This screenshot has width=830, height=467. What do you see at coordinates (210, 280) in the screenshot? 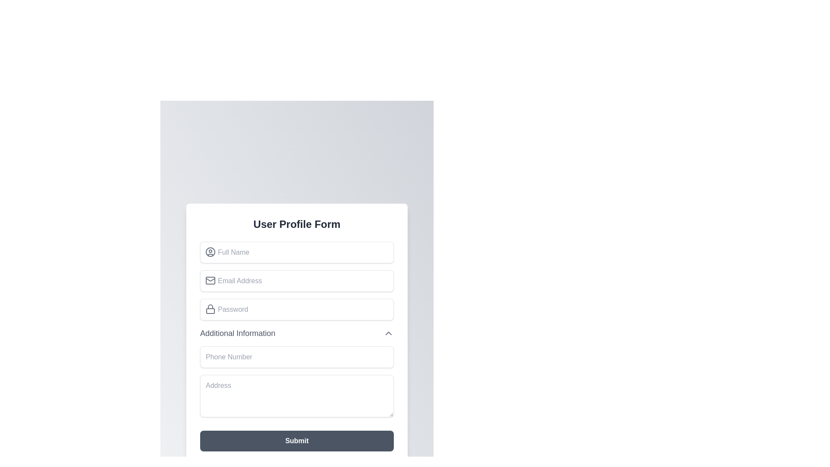
I see `the 'Email Address' input field by focusing on the envelope icon located at the top-left corner inside the input box` at bounding box center [210, 280].